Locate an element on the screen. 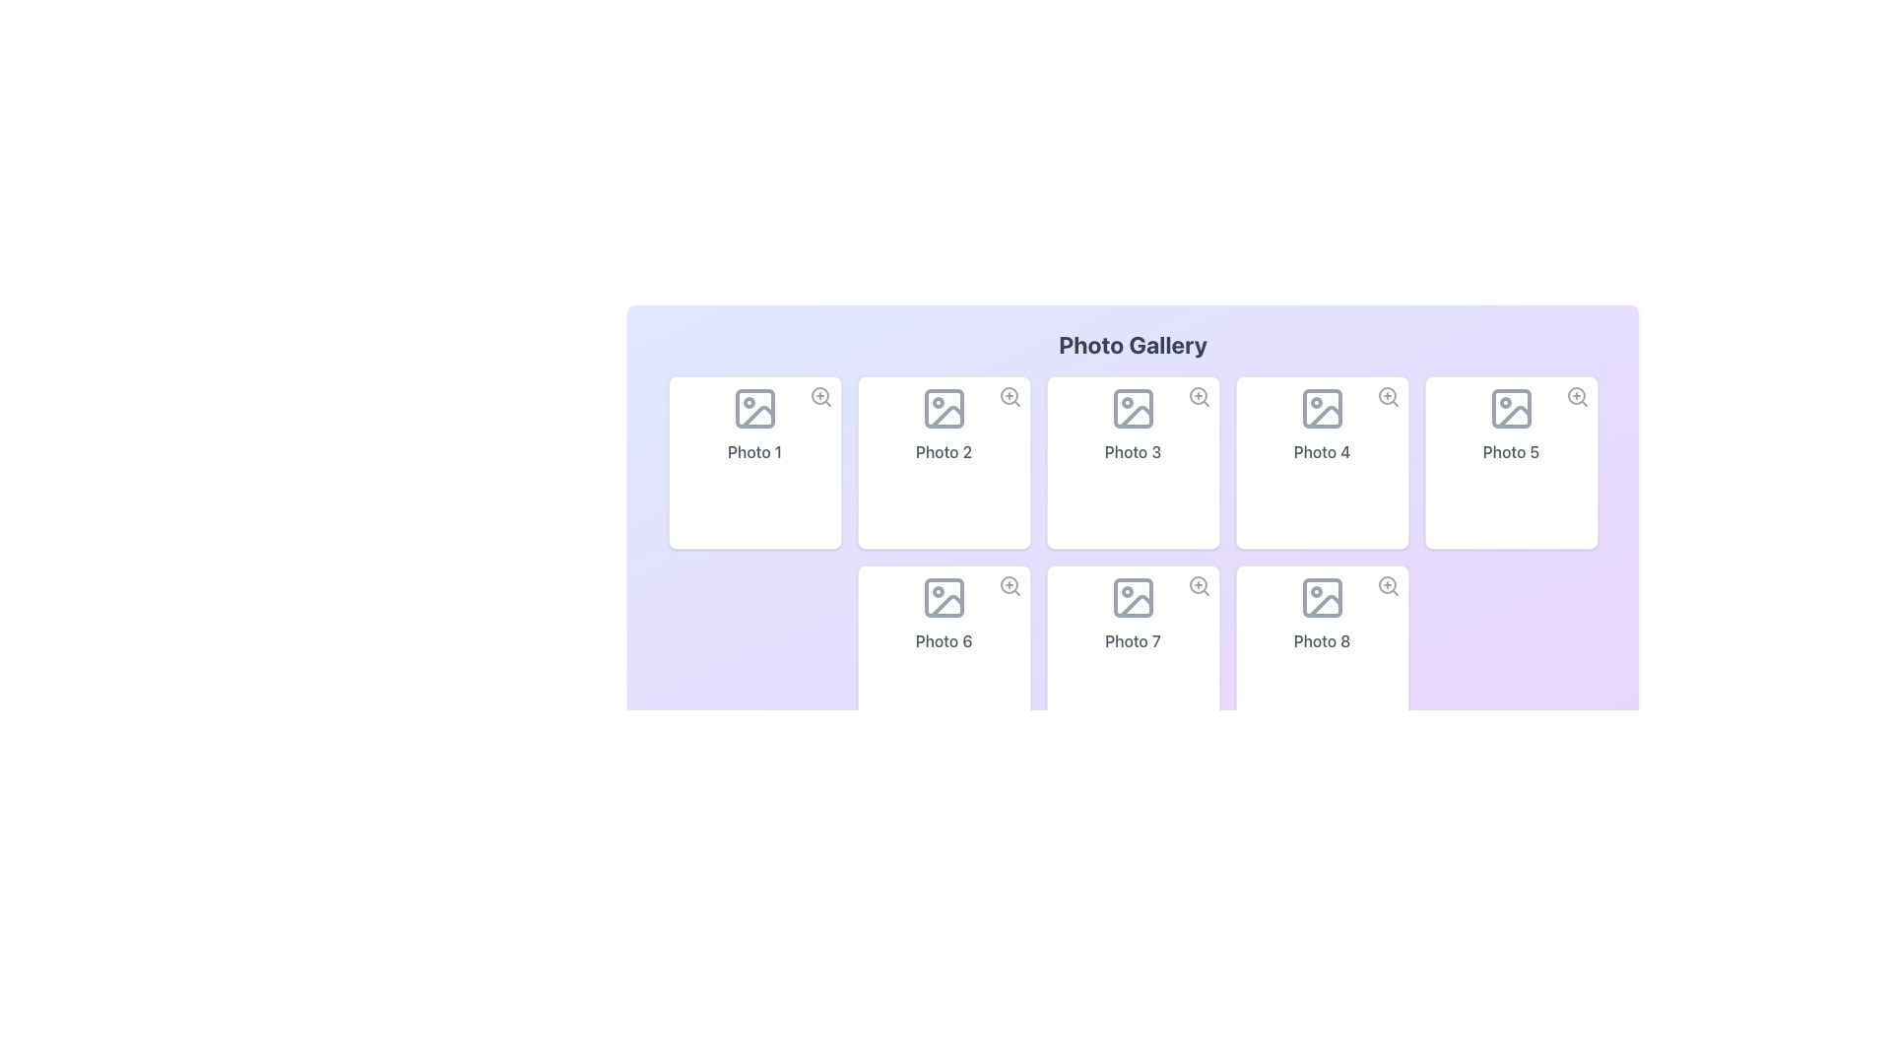 The width and height of the screenshot is (1891, 1064). the magnifying glass icon button located at the top-right corner of the 'Photo 2' card is located at coordinates (1010, 396).